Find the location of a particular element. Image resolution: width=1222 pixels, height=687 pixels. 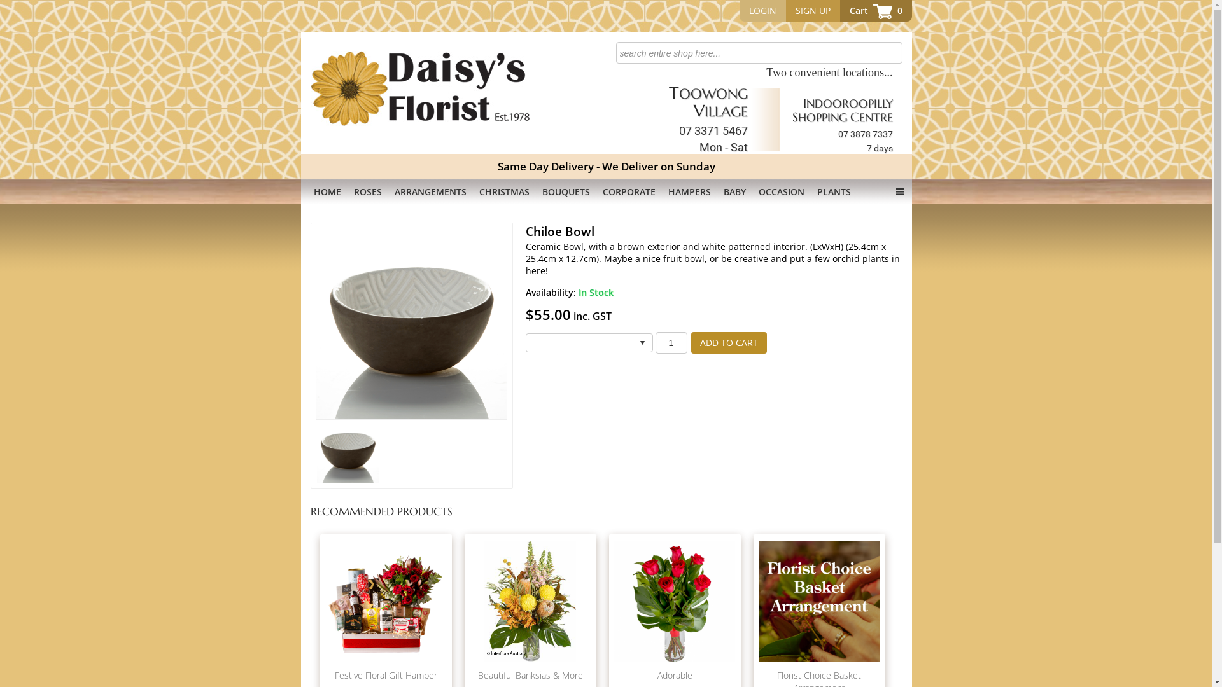

'PLANTS' is located at coordinates (810, 191).